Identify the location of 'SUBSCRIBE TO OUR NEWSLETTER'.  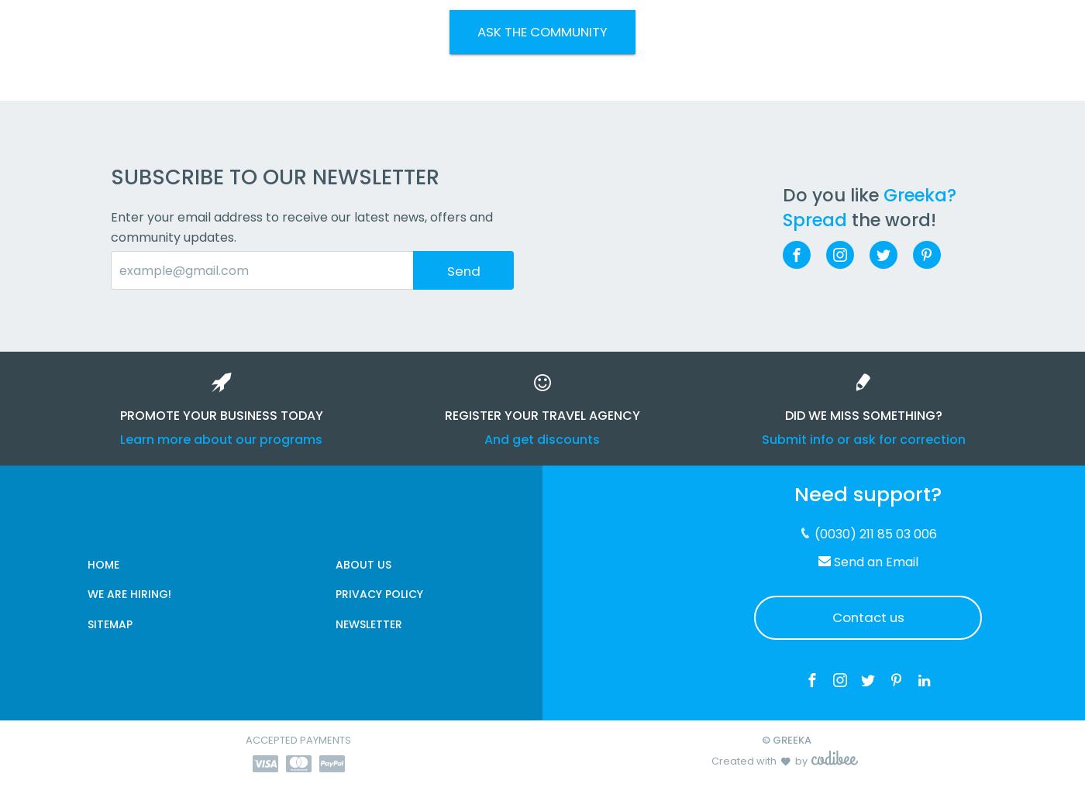
(275, 177).